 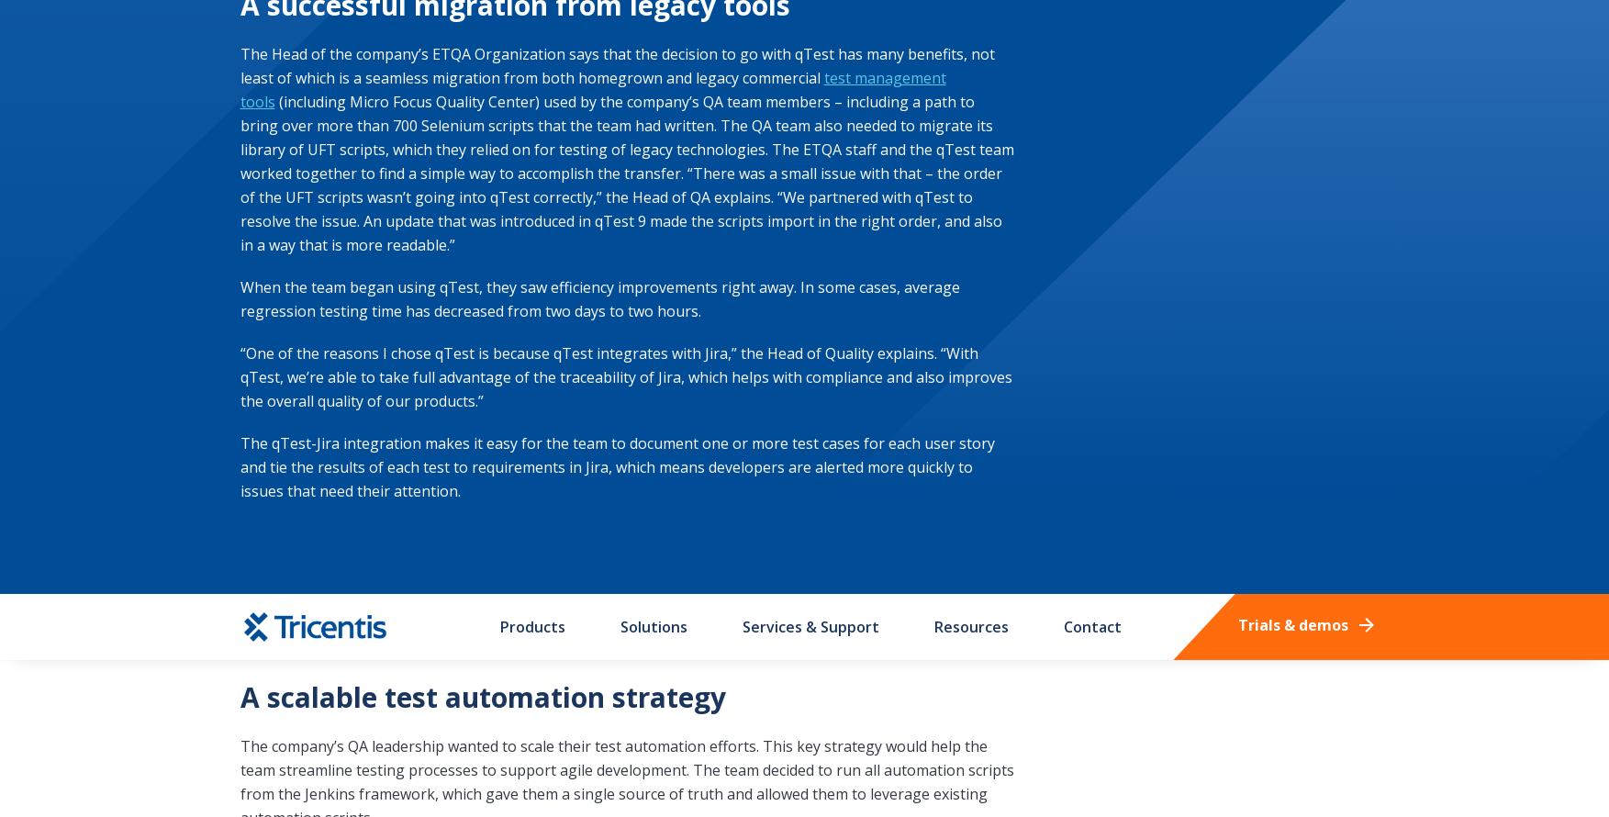 What do you see at coordinates (620, 19) in the screenshot?
I see `'Blog'` at bounding box center [620, 19].